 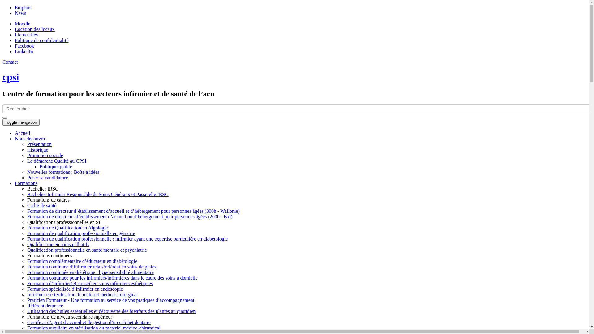 What do you see at coordinates (21, 122) in the screenshot?
I see `'Toggle navigation'` at bounding box center [21, 122].